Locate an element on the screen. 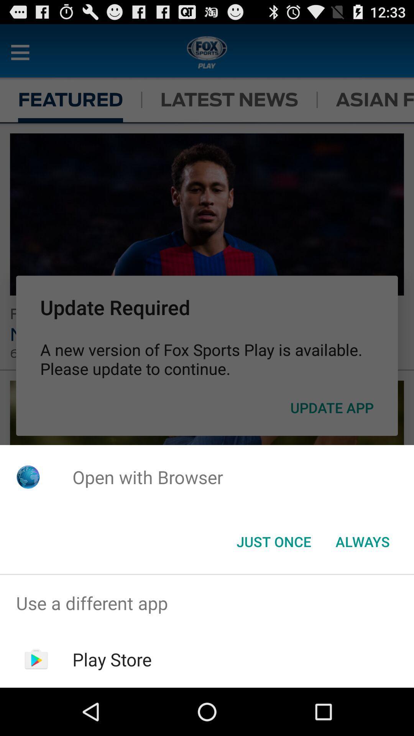 The image size is (414, 736). always button is located at coordinates (362, 541).